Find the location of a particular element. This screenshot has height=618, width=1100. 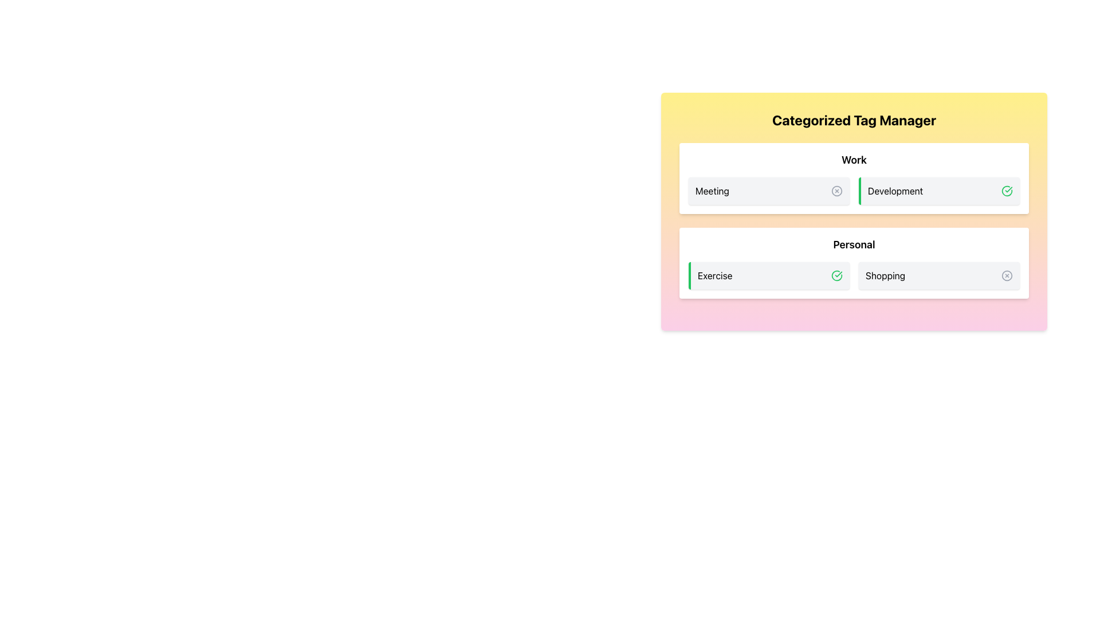

the Text Label/Static Text element located is located at coordinates (885, 276).